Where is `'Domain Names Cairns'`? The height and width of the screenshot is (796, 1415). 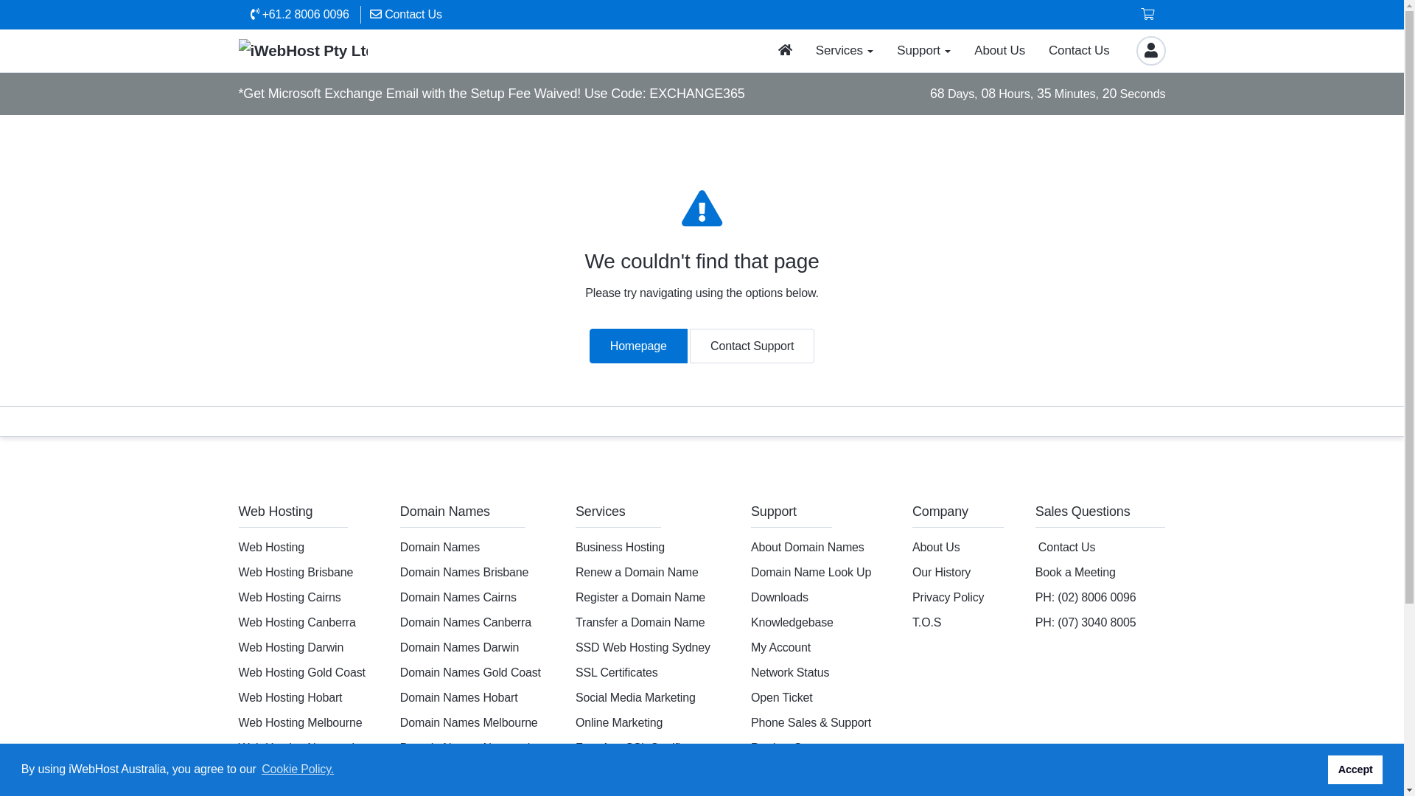 'Domain Names Cairns' is located at coordinates (458, 597).